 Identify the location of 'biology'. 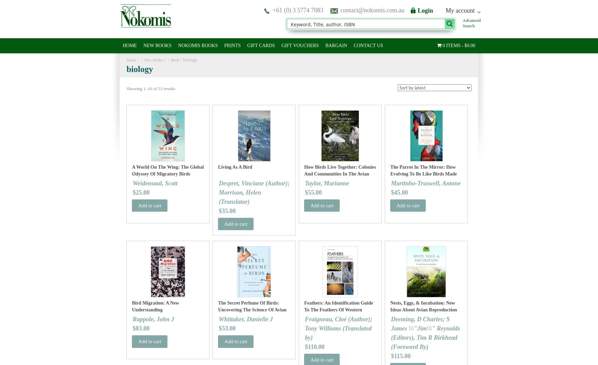
(139, 69).